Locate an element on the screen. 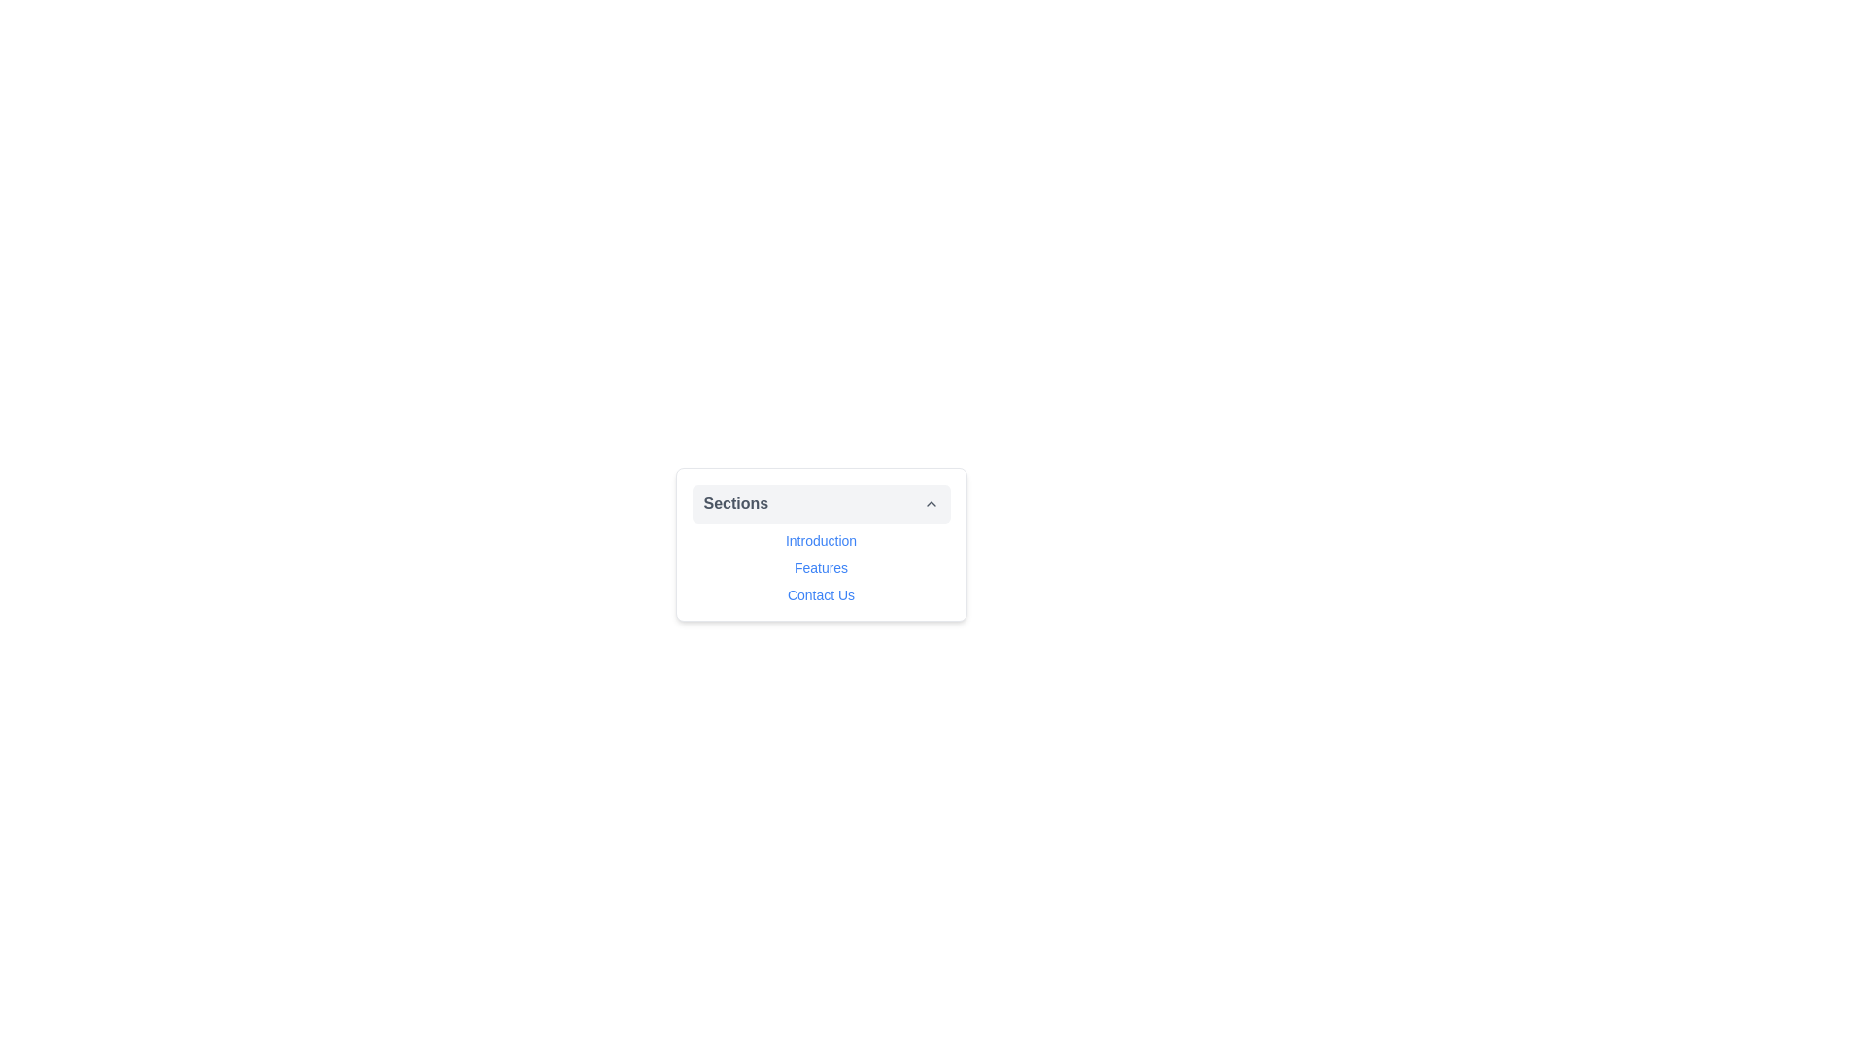  the 'Features' hyperlink in the dropdown menu labeled 'Sections' is located at coordinates (821, 568).